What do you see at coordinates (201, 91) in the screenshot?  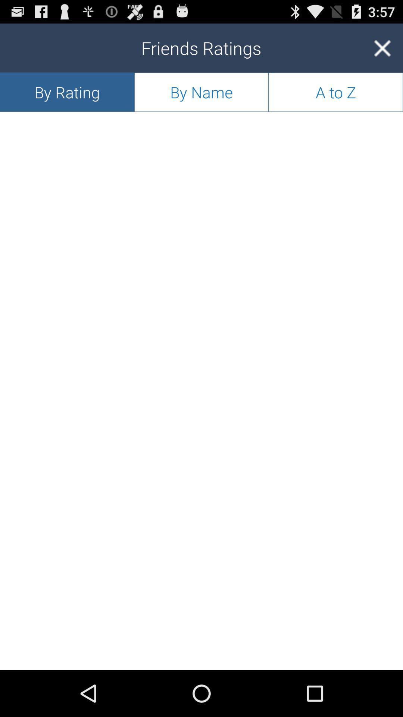 I see `icon below friends ratings app` at bounding box center [201, 91].